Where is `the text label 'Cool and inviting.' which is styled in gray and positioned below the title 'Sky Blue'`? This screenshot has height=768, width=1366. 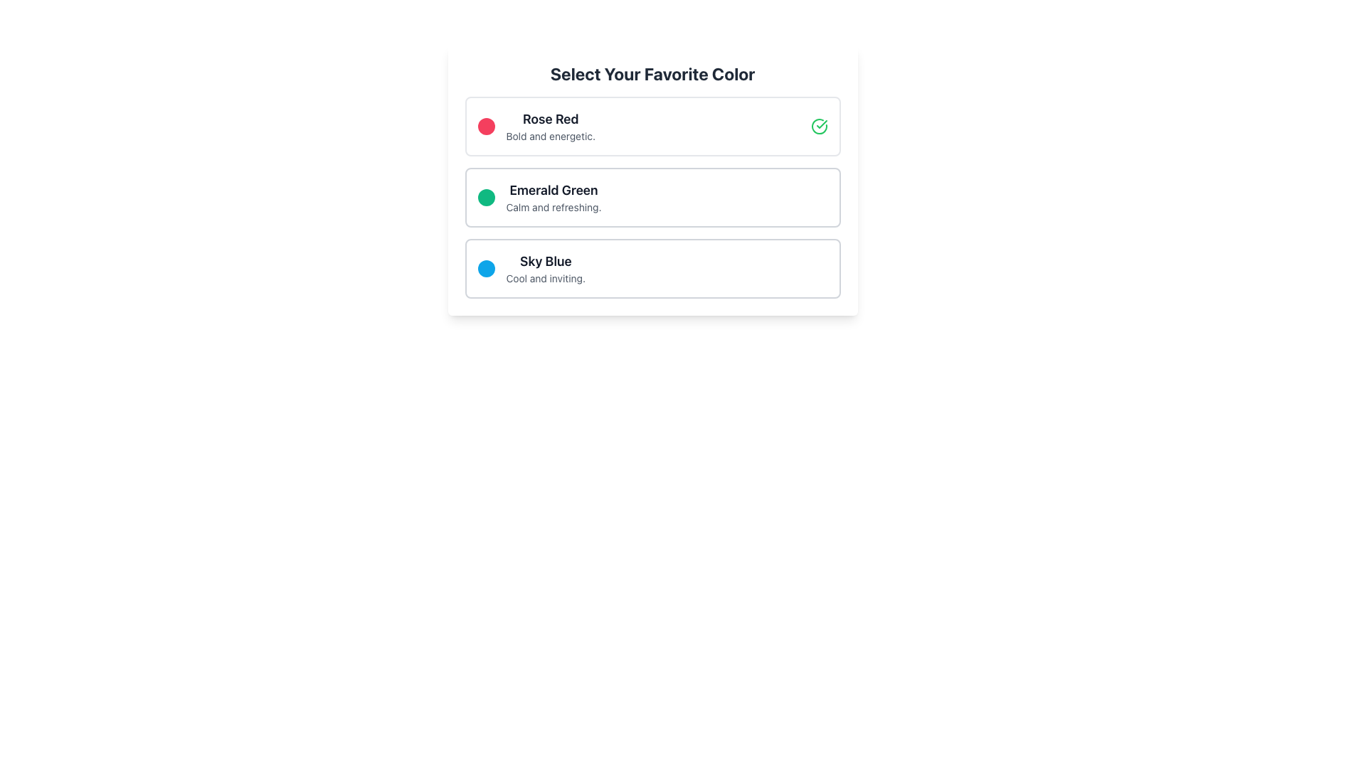 the text label 'Cool and inviting.' which is styled in gray and positioned below the title 'Sky Blue' is located at coordinates (545, 279).